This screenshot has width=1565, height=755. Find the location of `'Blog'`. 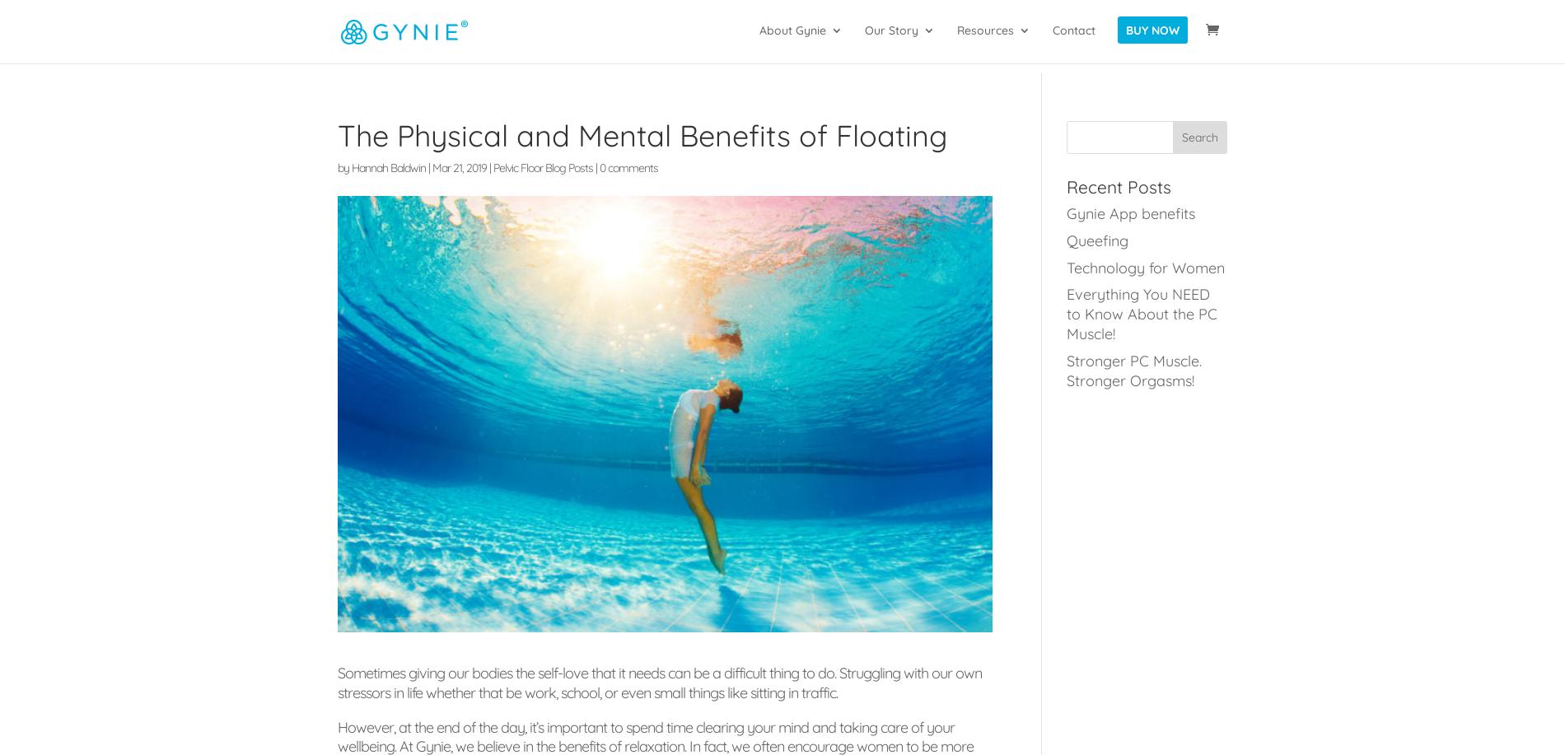

'Blog' is located at coordinates (1001, 109).